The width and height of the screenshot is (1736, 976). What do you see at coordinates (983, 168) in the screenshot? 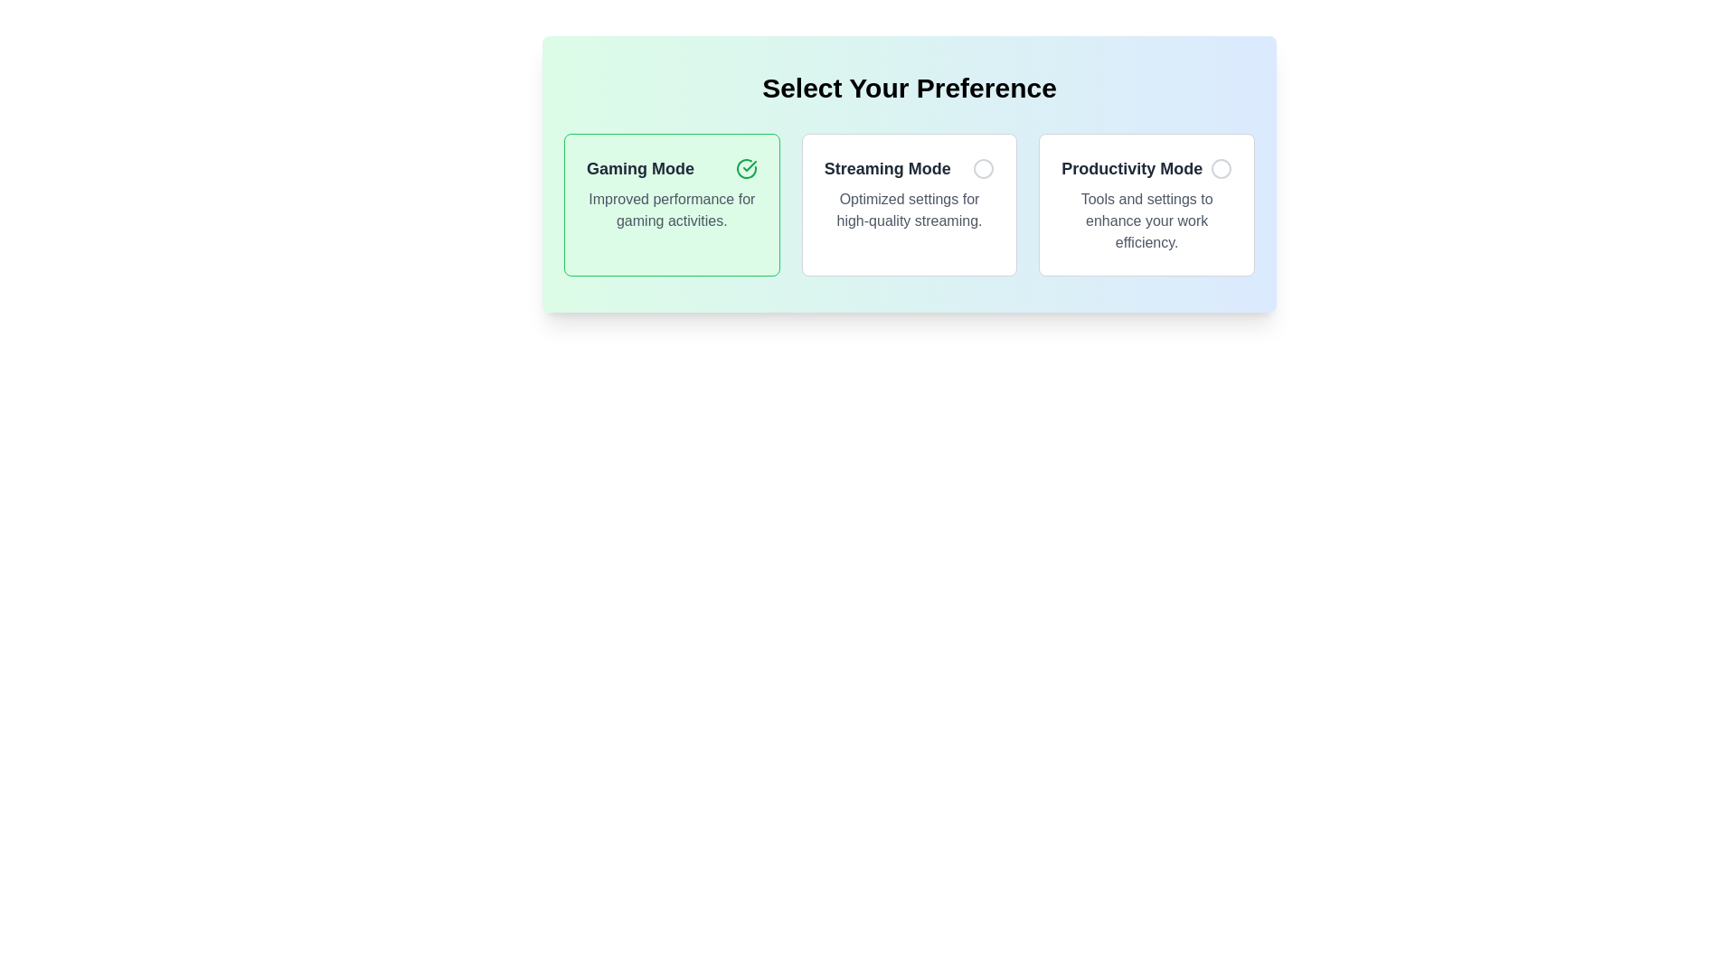
I see `the circular icon outlined with a light gray stroke located next to the 'Streaming Mode' text` at bounding box center [983, 168].